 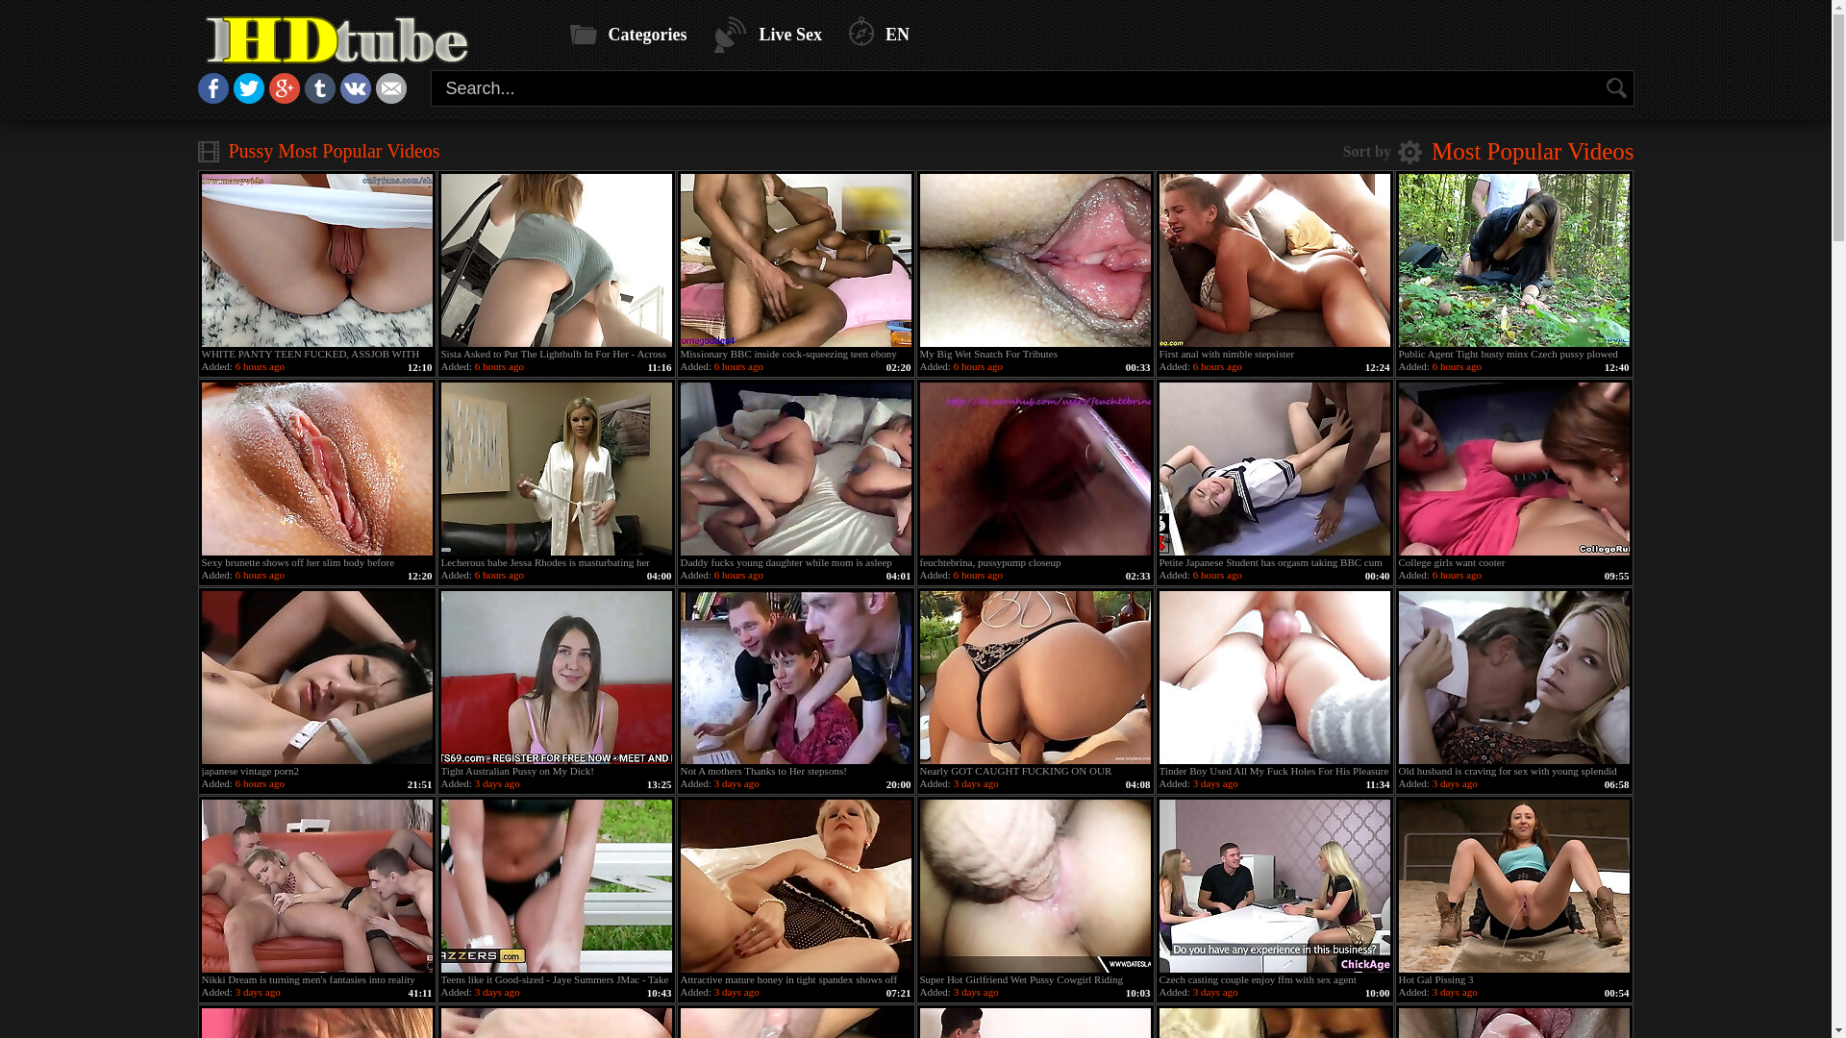 I want to click on 'Teens like it Good-sized - Jaye Summers JMac - Take Me Home', so click(x=554, y=885).